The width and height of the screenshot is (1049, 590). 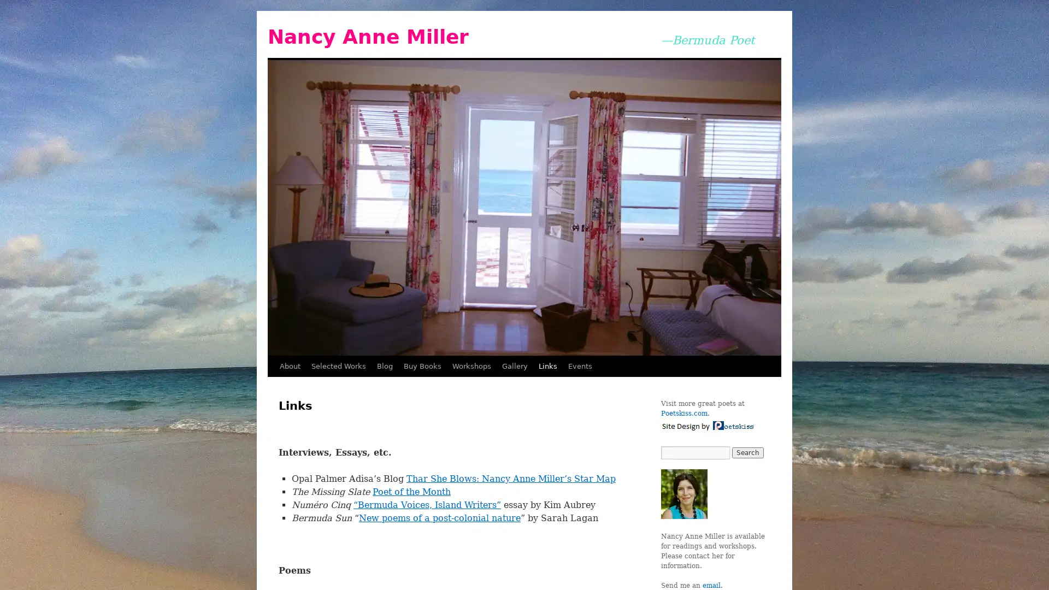 I want to click on Search, so click(x=747, y=453).